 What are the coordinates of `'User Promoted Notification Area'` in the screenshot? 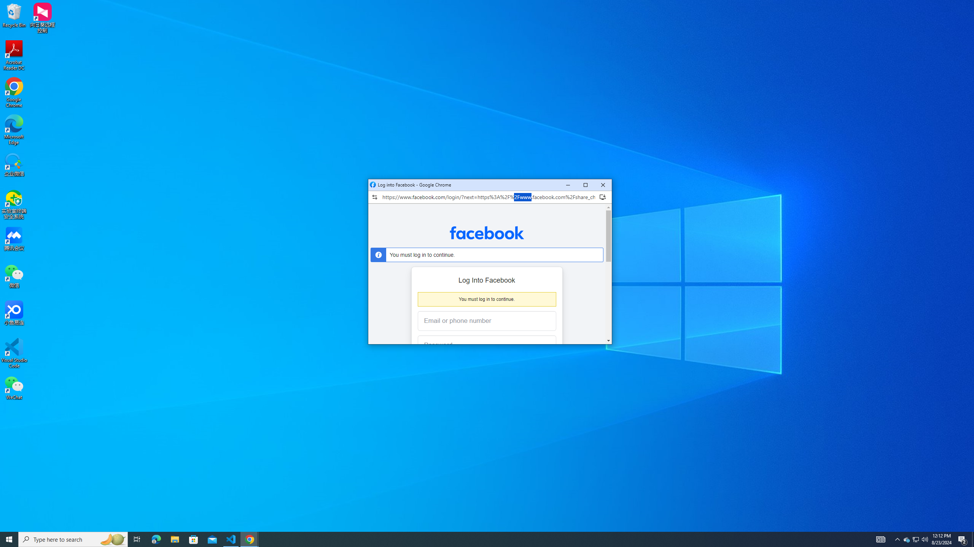 It's located at (915, 539).